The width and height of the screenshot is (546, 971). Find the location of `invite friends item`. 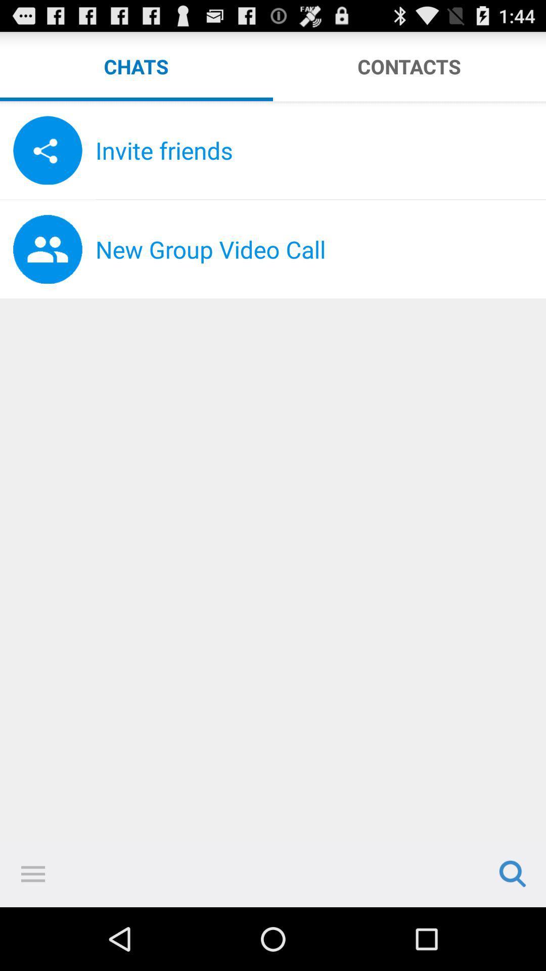

invite friends item is located at coordinates (321, 150).